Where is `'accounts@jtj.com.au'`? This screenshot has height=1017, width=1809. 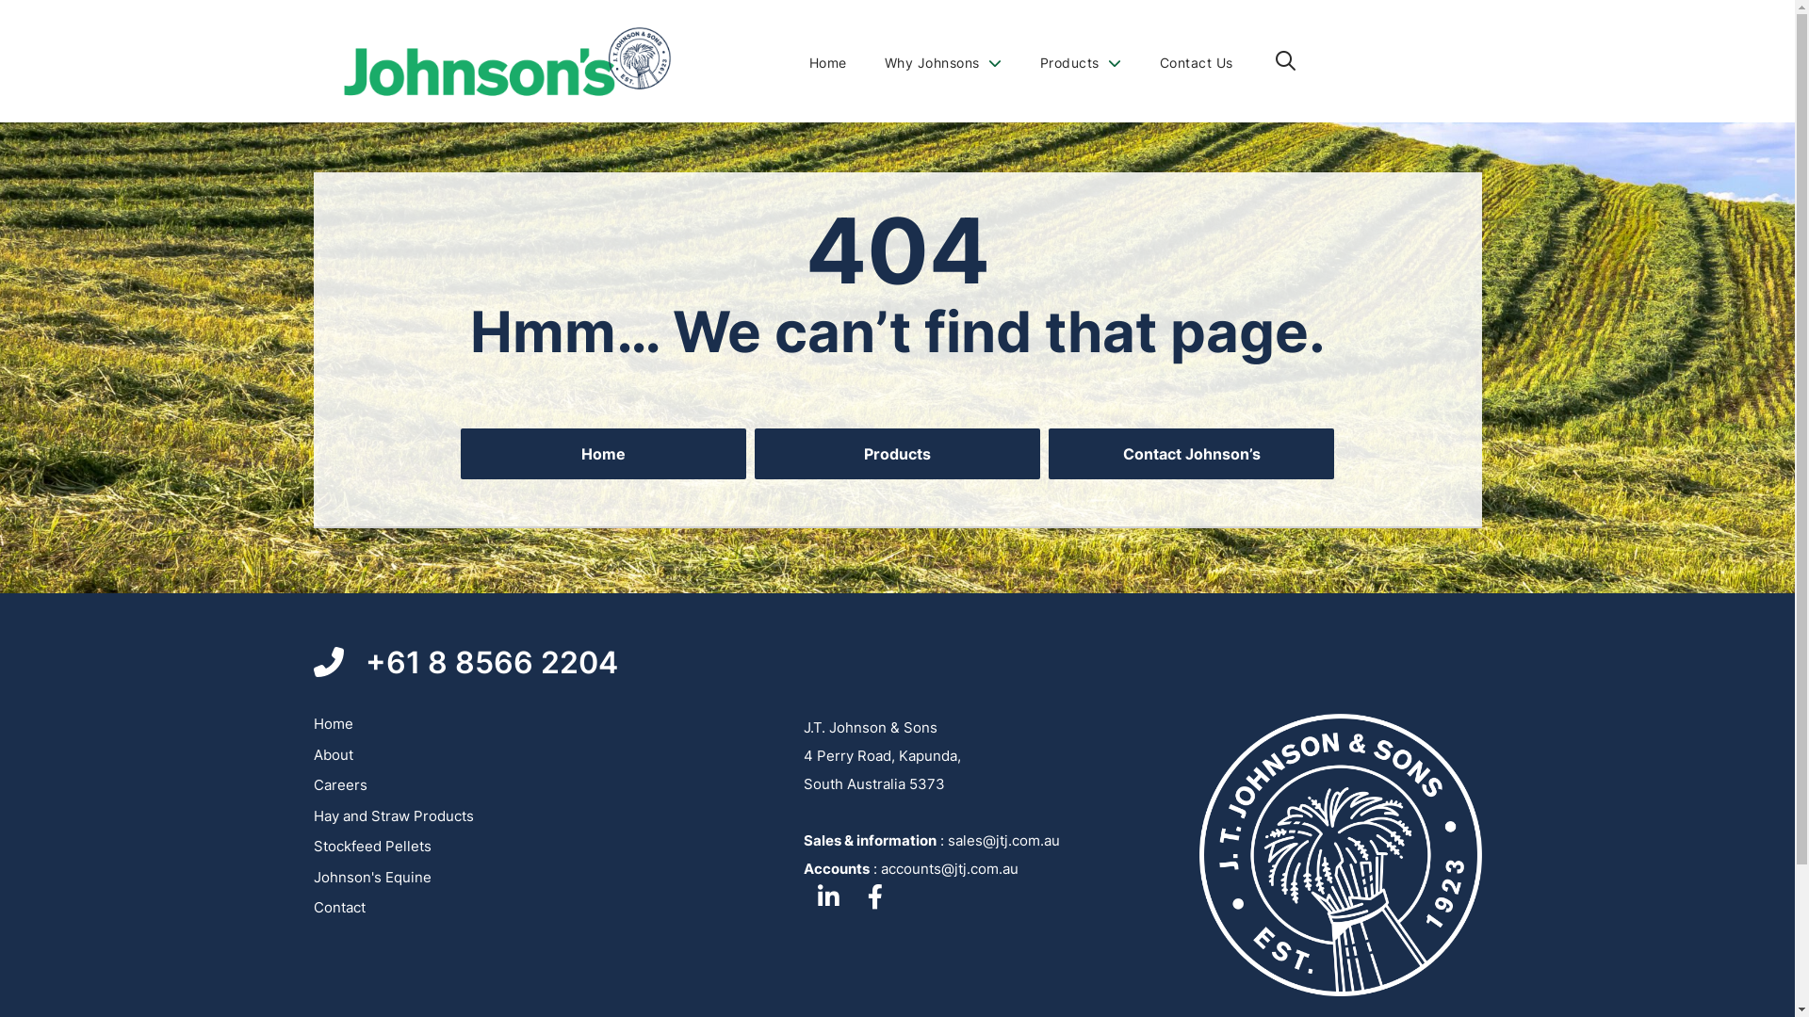
'accounts@jtj.com.au' is located at coordinates (949, 868).